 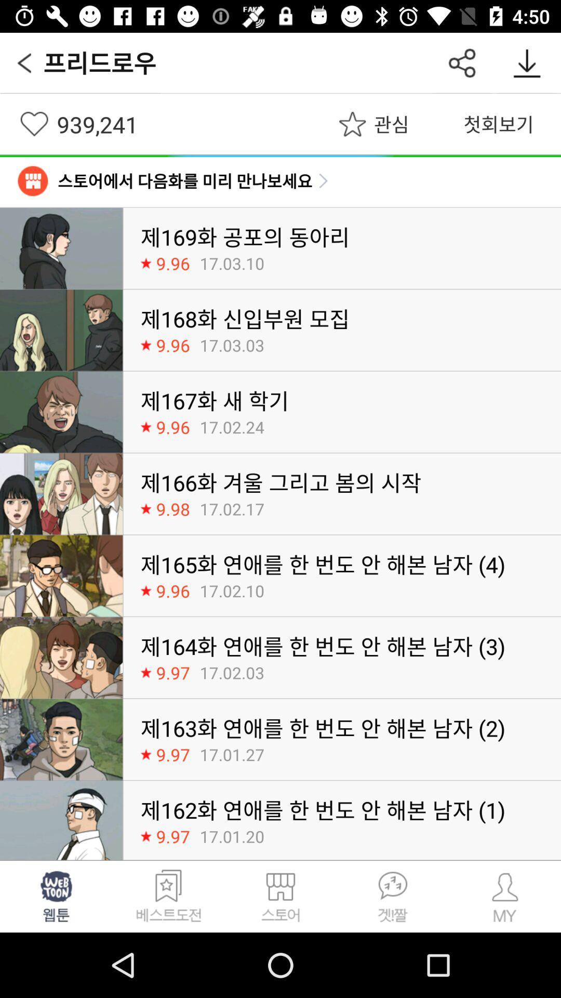 What do you see at coordinates (504, 896) in the screenshot?
I see `tap the my profile icon at the right bottom of the page` at bounding box center [504, 896].